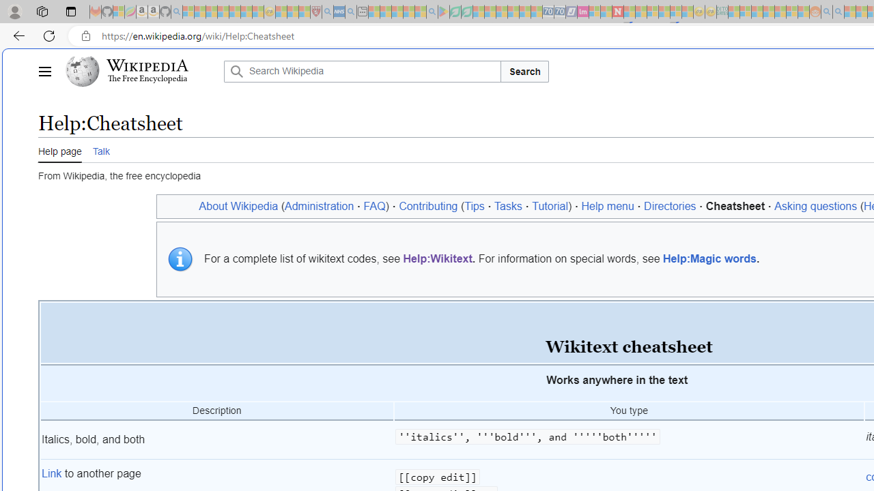 This screenshot has height=491, width=874. I want to click on 'FAQ', so click(374, 206).